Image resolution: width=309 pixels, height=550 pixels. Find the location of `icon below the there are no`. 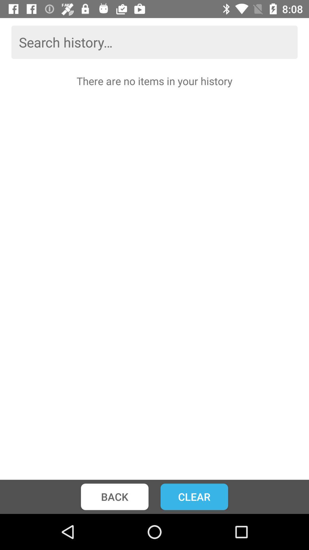

icon below the there are no is located at coordinates (194, 496).